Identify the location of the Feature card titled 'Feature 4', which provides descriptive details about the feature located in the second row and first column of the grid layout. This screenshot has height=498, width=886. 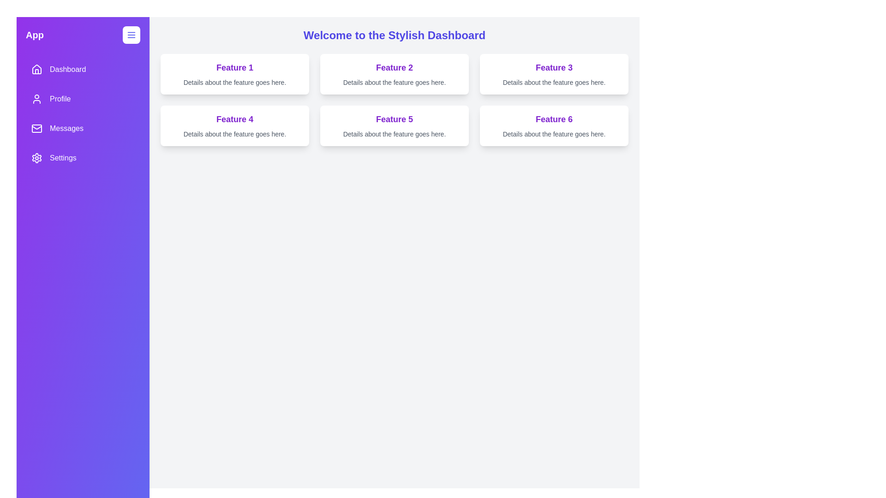
(234, 126).